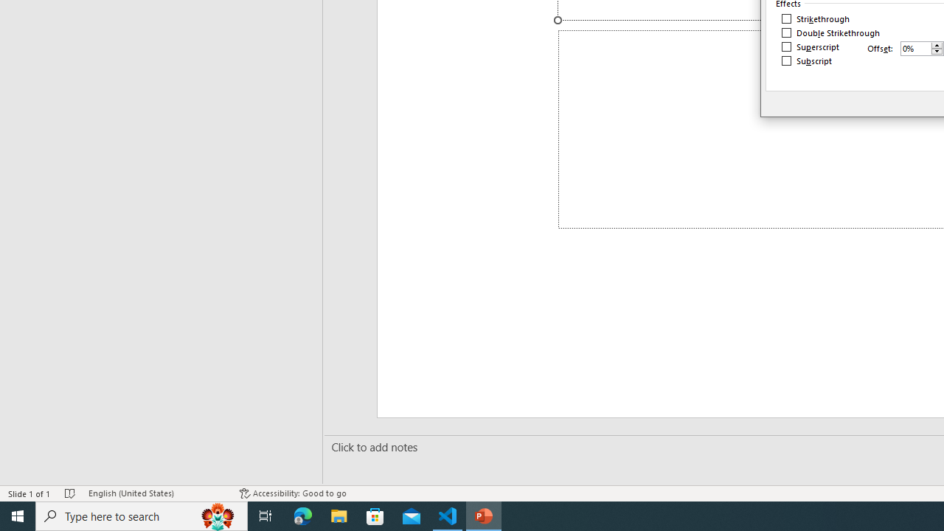 The image size is (944, 531). Describe the element at coordinates (217, 515) in the screenshot. I see `'Search highlights icon opens search home window'` at that location.